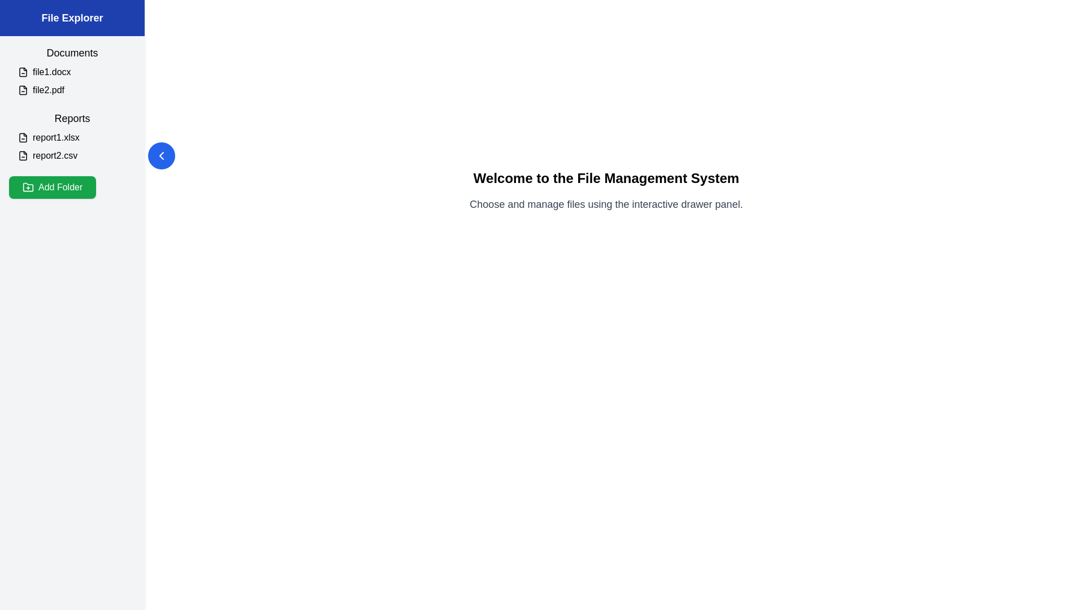 Image resolution: width=1085 pixels, height=610 pixels. Describe the element at coordinates (161, 156) in the screenshot. I see `the button located in the top-left corner of the main content area` at that location.